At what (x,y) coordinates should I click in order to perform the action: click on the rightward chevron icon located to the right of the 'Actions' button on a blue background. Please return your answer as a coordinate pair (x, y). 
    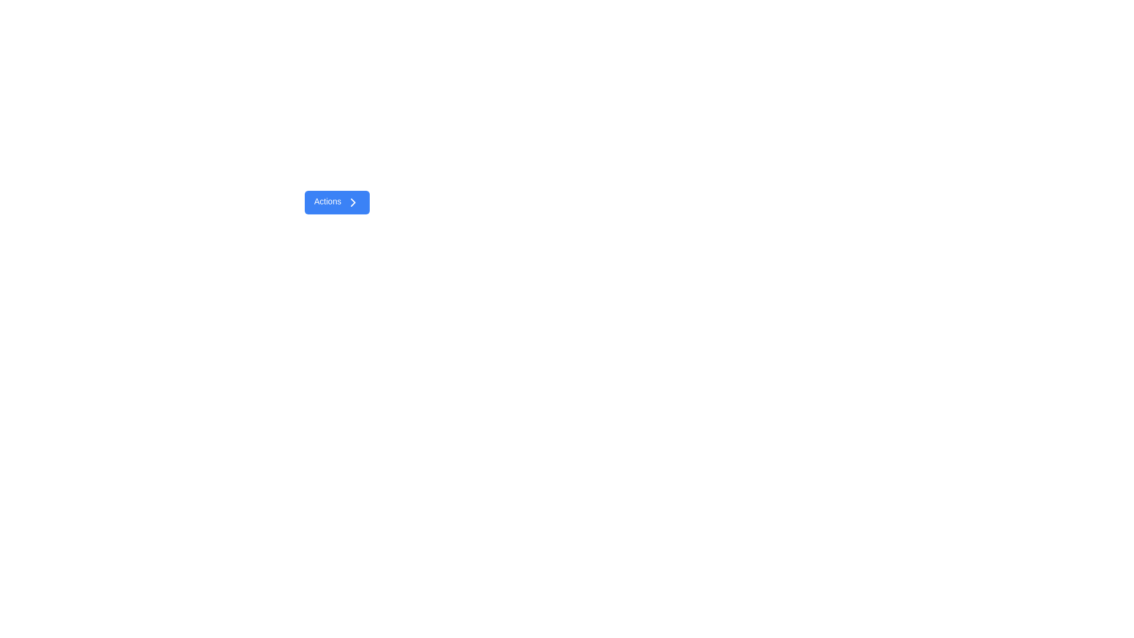
    Looking at the image, I should click on (352, 202).